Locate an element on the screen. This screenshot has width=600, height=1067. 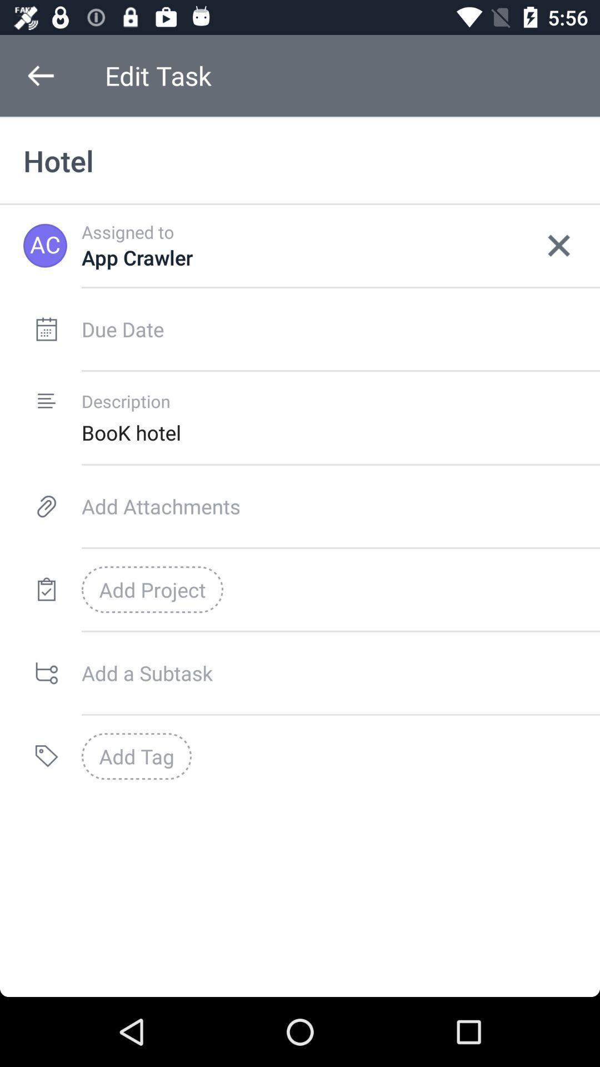
the item at the top right corner is located at coordinates (559, 245).